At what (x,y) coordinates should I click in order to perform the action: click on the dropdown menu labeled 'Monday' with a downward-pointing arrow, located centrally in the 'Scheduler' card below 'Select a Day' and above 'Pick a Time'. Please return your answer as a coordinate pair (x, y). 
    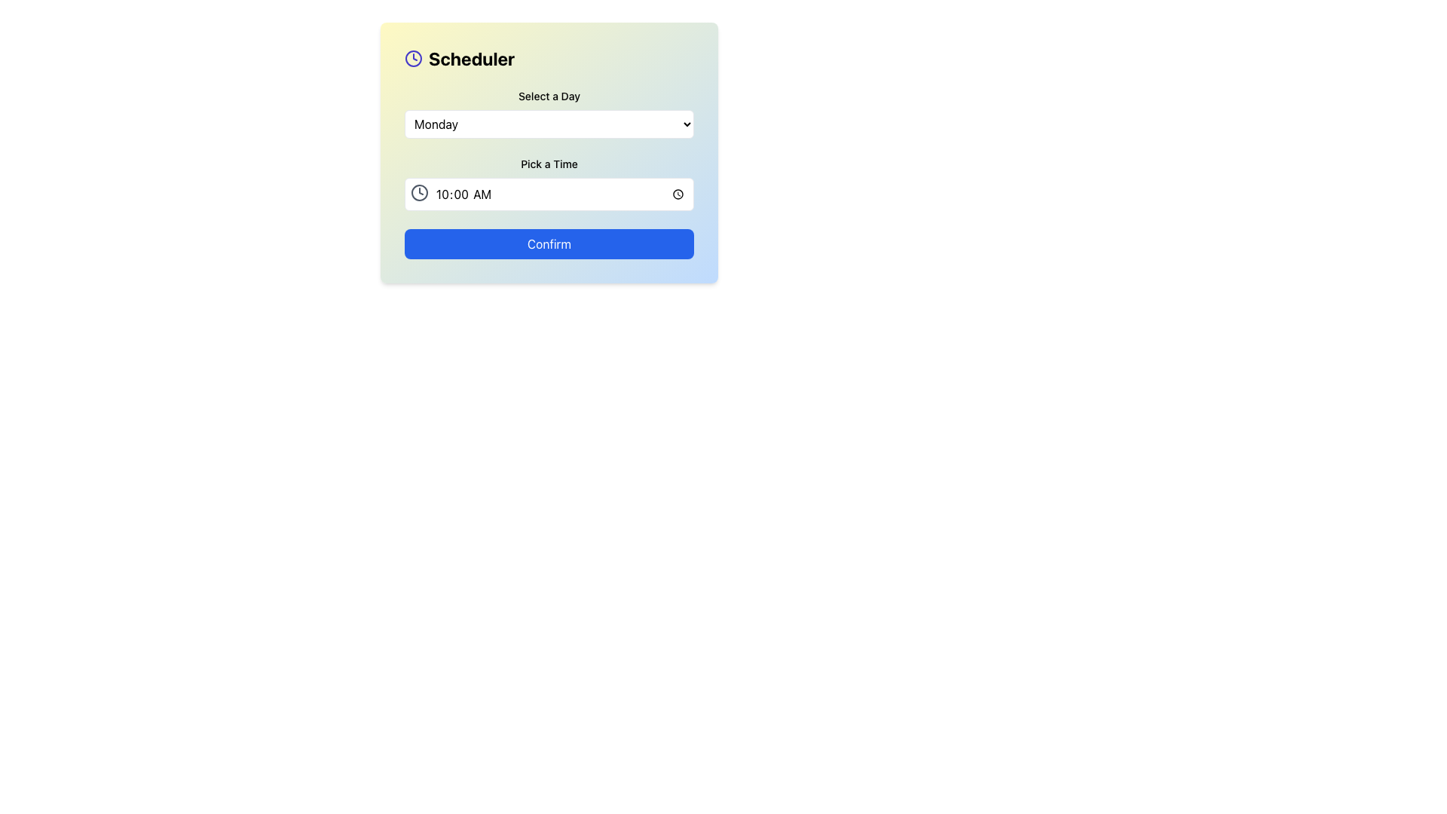
    Looking at the image, I should click on (549, 112).